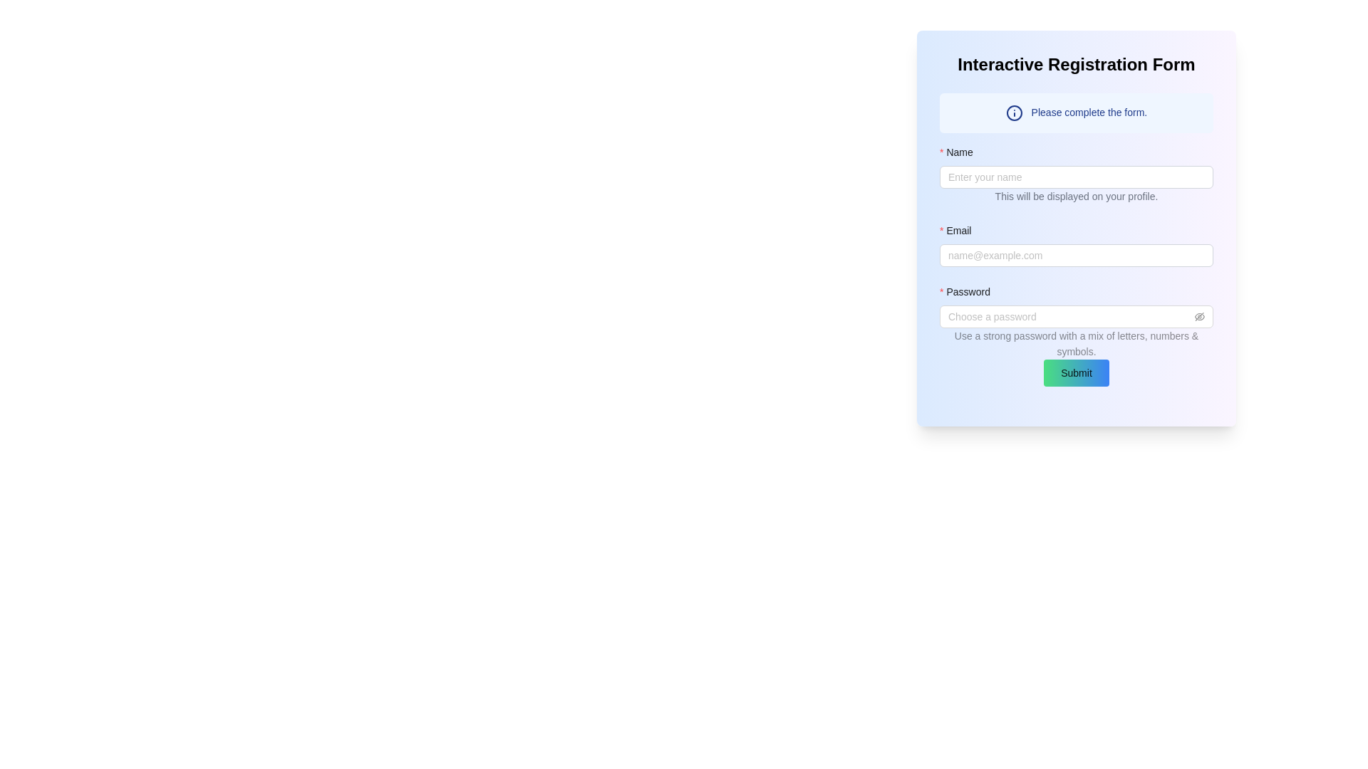  I want to click on the crossed-out eye icon button located at the far right of the 'Choose a password' input field, so click(1199, 315).